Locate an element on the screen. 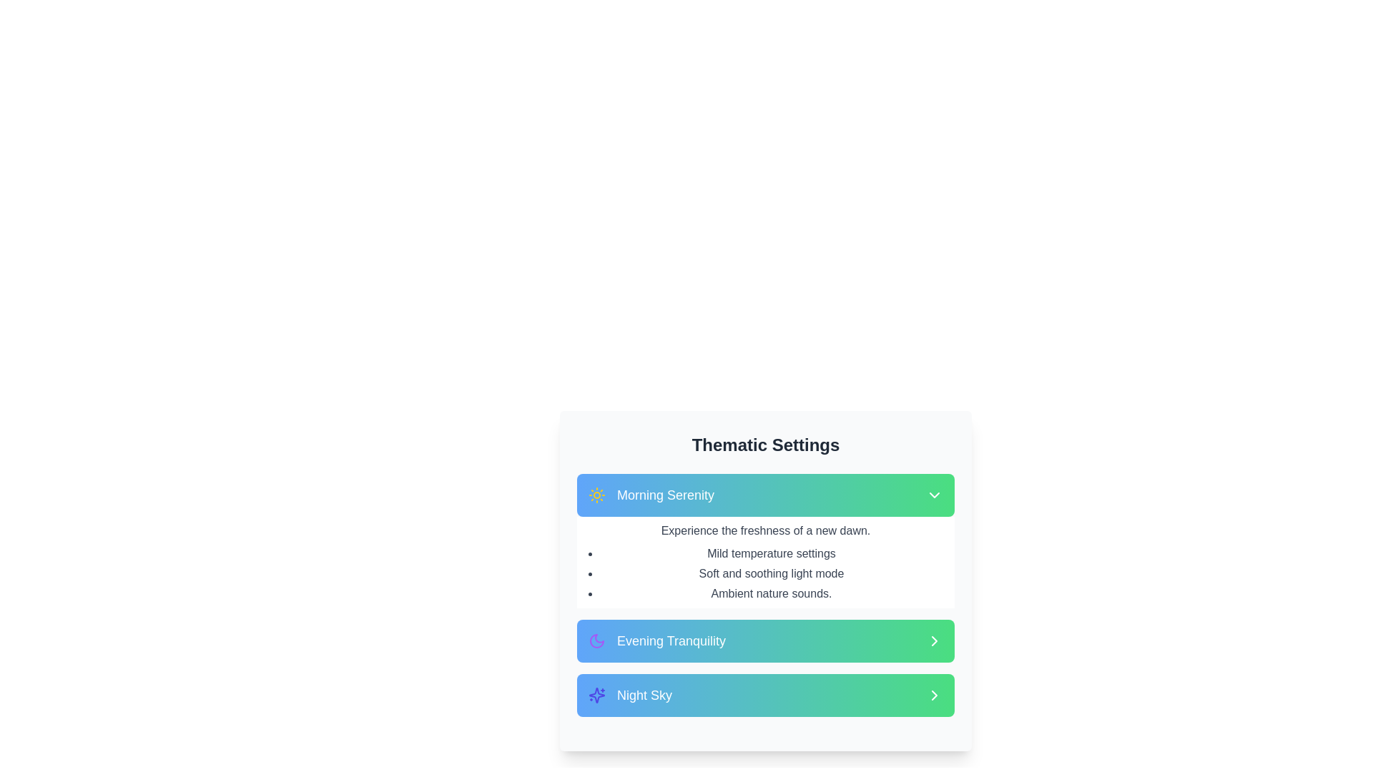 The height and width of the screenshot is (772, 1373). the right-pointing arrow icon located in the 'Night Sky' section is located at coordinates (934, 694).